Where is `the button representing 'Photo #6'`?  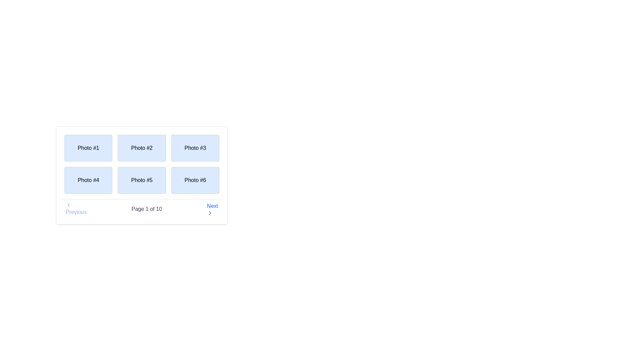
the button representing 'Photo #6' is located at coordinates (195, 180).